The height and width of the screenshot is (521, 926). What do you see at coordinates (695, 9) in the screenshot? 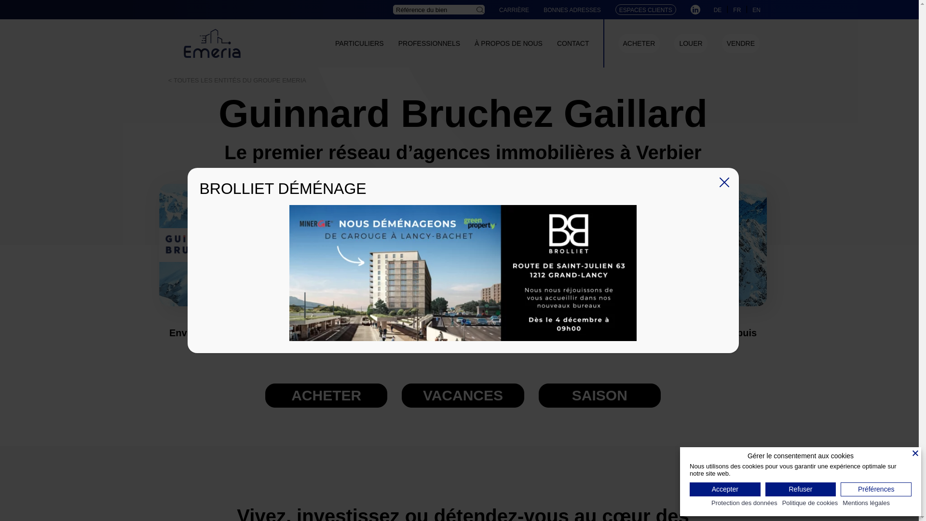
I see `'Trouver Emeria sur Linkedin'` at bounding box center [695, 9].